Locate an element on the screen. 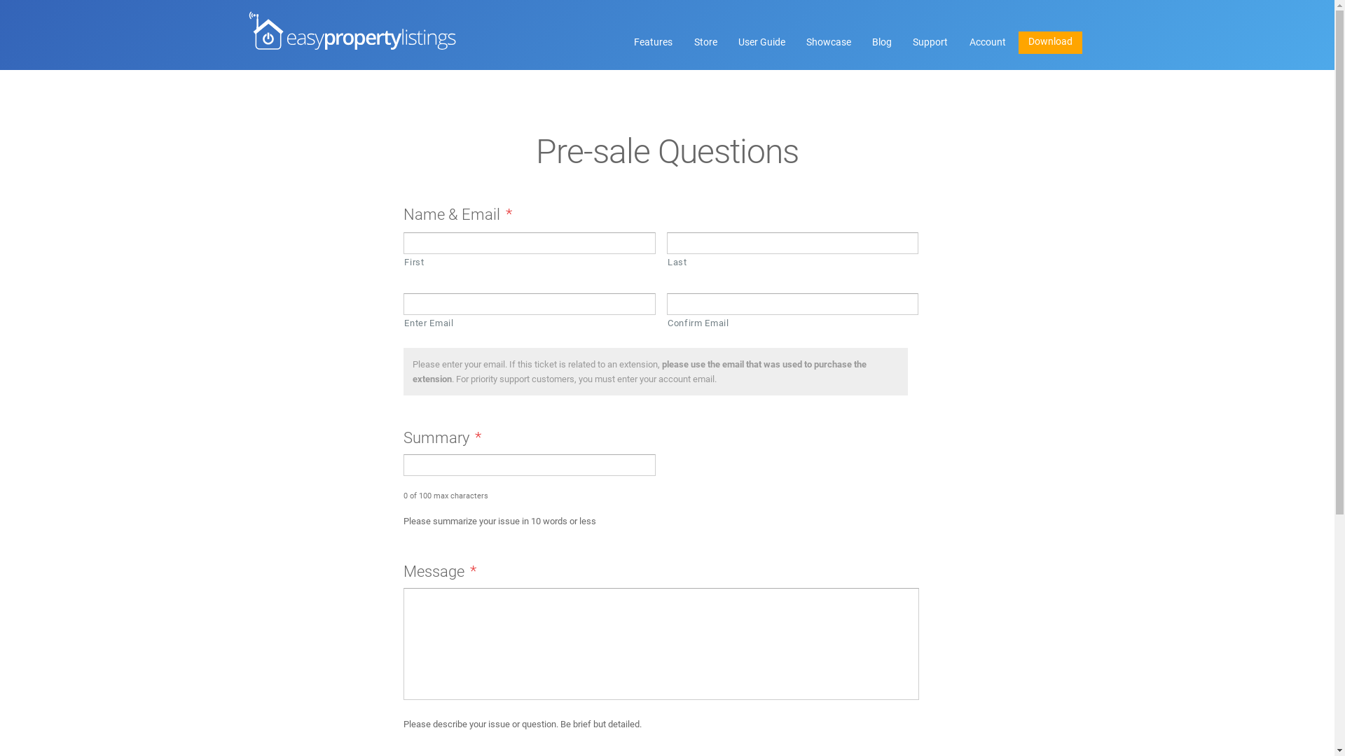 This screenshot has width=1345, height=756. 'Features' is located at coordinates (652, 42).